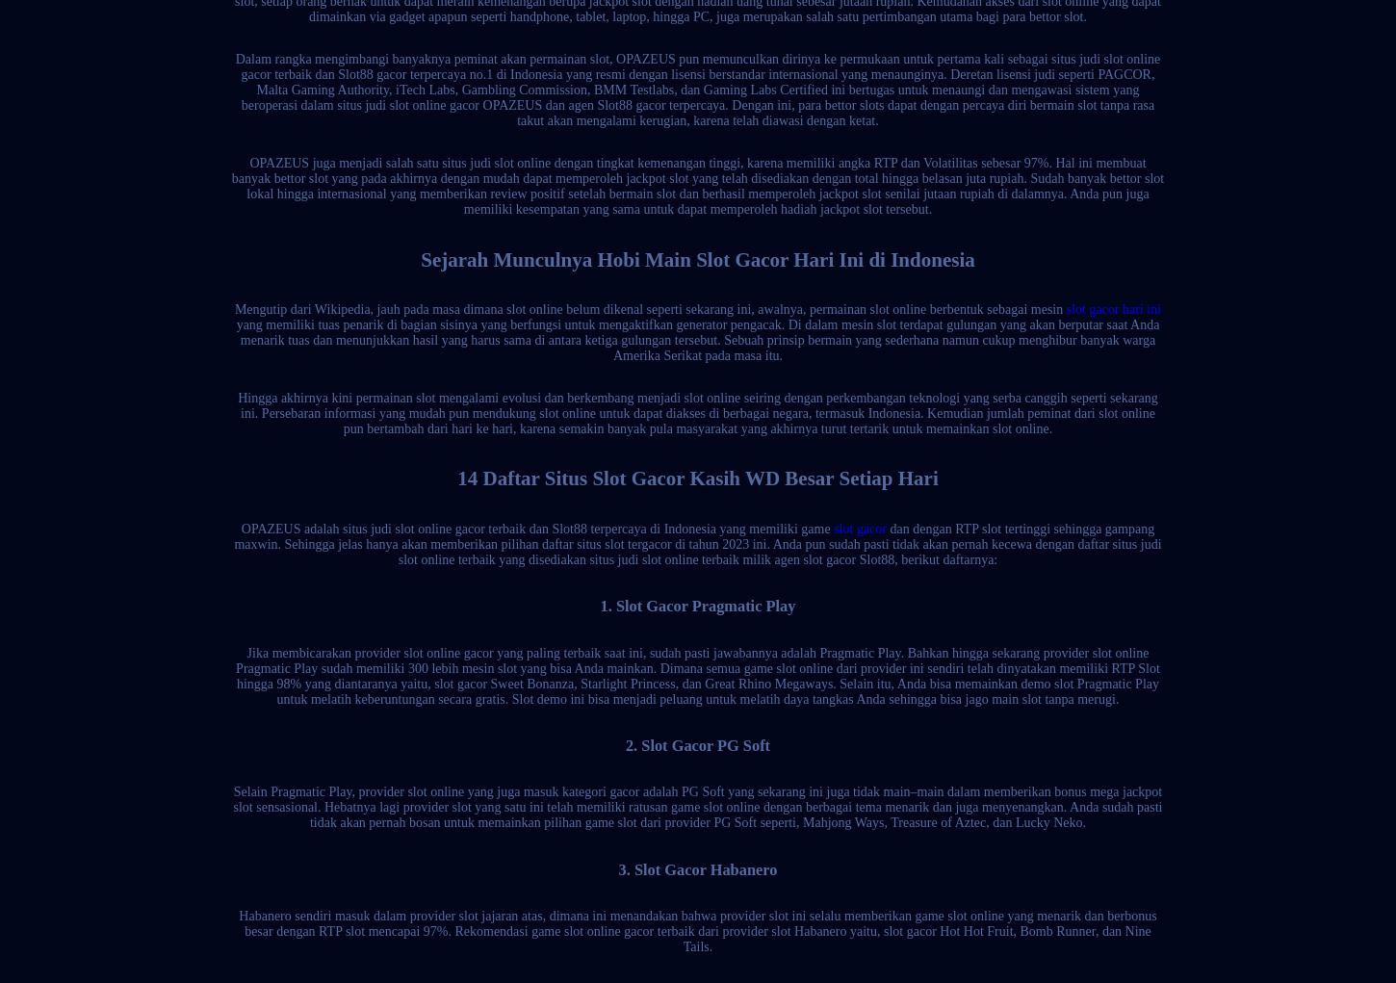  What do you see at coordinates (536, 528) in the screenshot?
I see `'OPAZEUS adalah situs judi slot online gacor terbaik dan Slot88 terpercaya di Indonesia yang memiliki game'` at bounding box center [536, 528].